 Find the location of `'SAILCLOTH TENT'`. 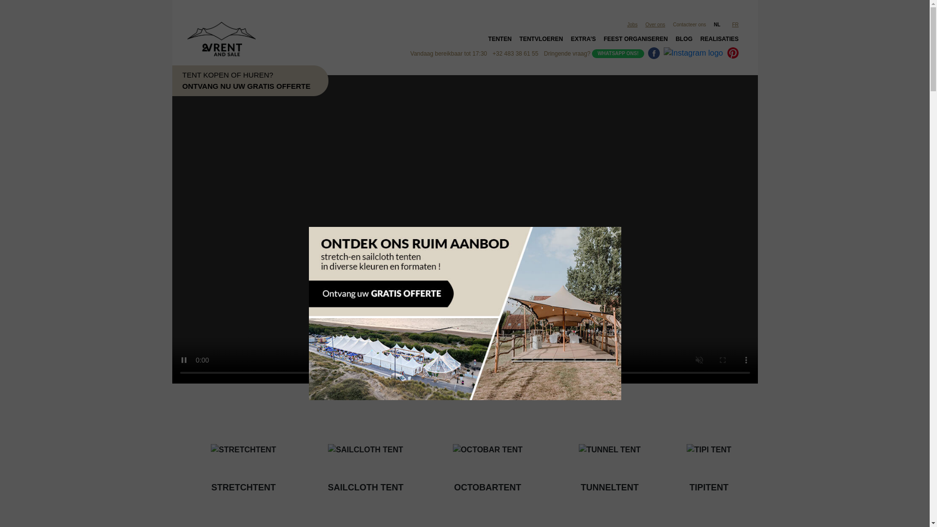

'SAILCLOTH TENT' is located at coordinates (365, 458).